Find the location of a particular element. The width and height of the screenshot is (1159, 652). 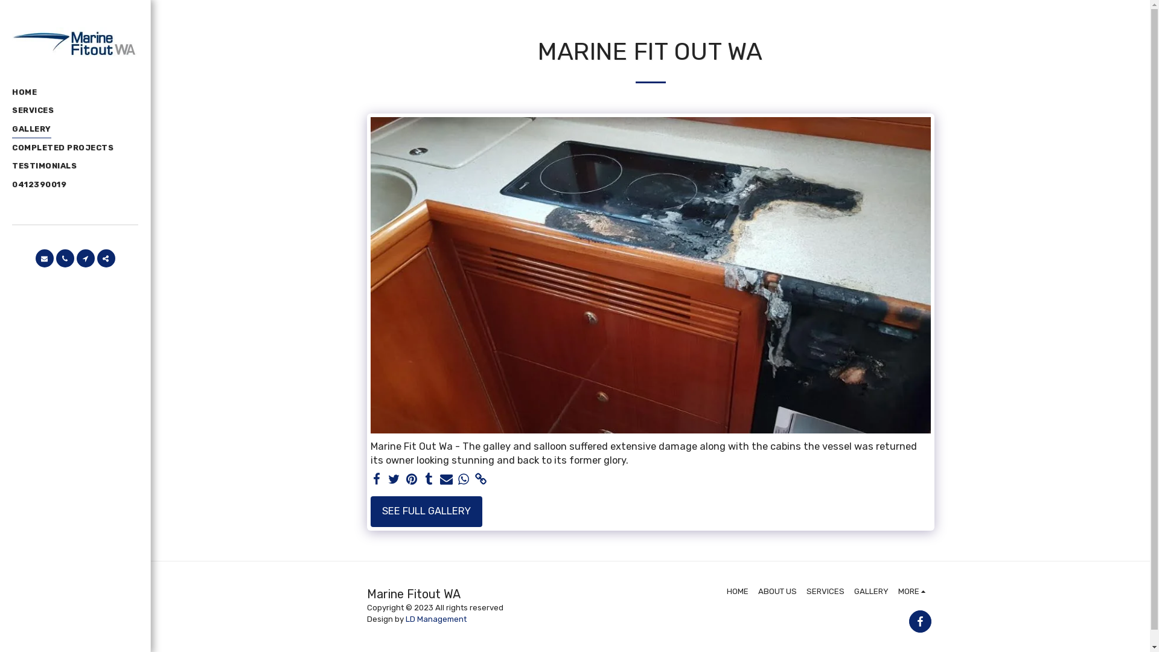

'LD Management' is located at coordinates (435, 619).